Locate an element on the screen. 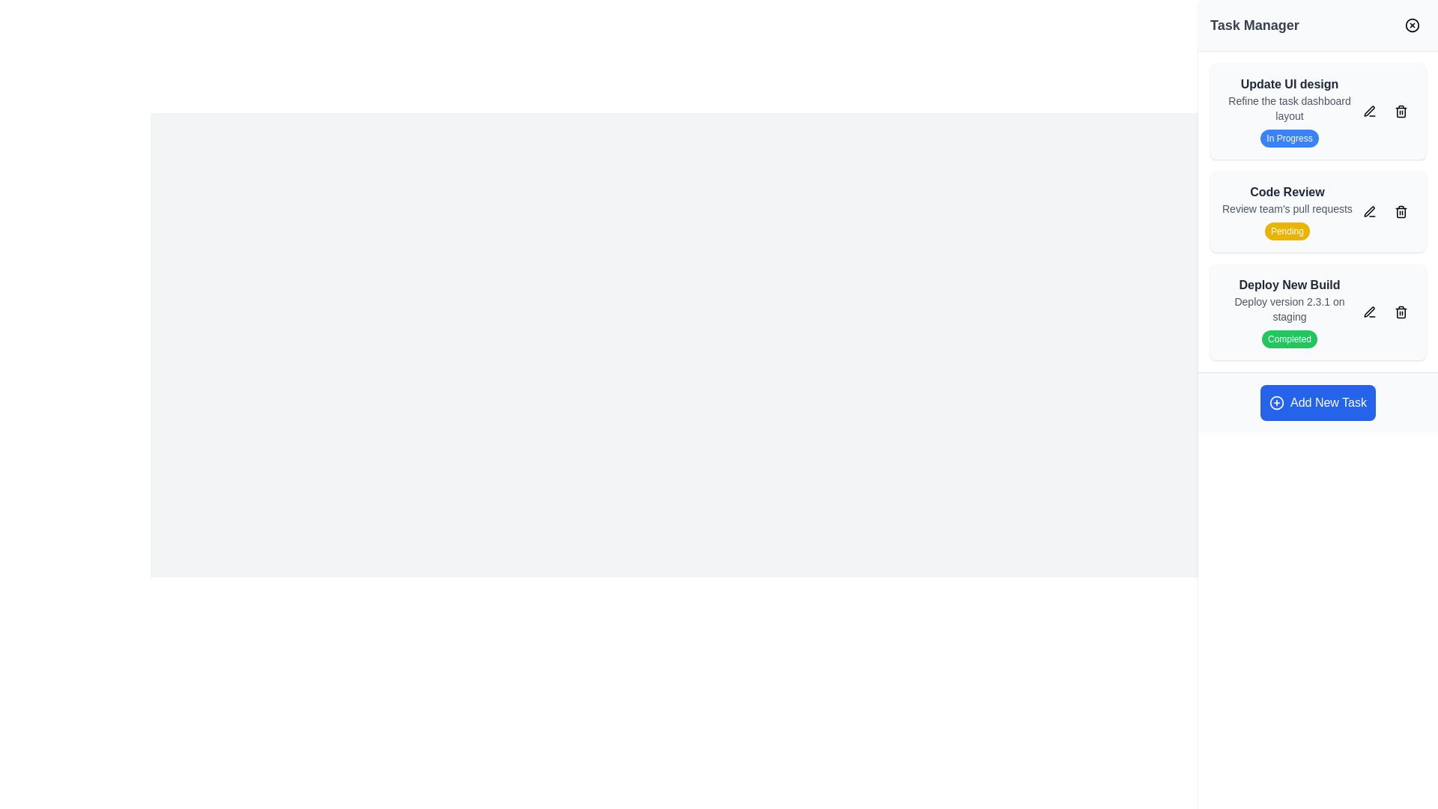  the Status label that indicates the completion state of the task 'Deploy New Build', located below the heading and subtext within the task card is located at coordinates (1289, 339).